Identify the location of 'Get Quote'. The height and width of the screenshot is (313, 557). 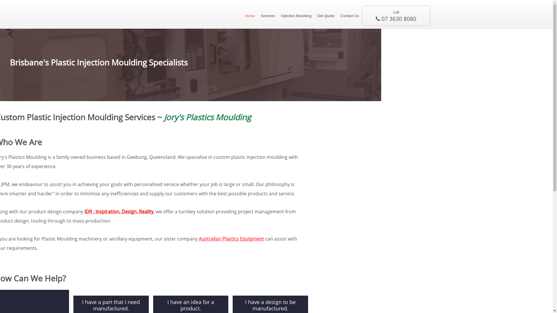
(326, 15).